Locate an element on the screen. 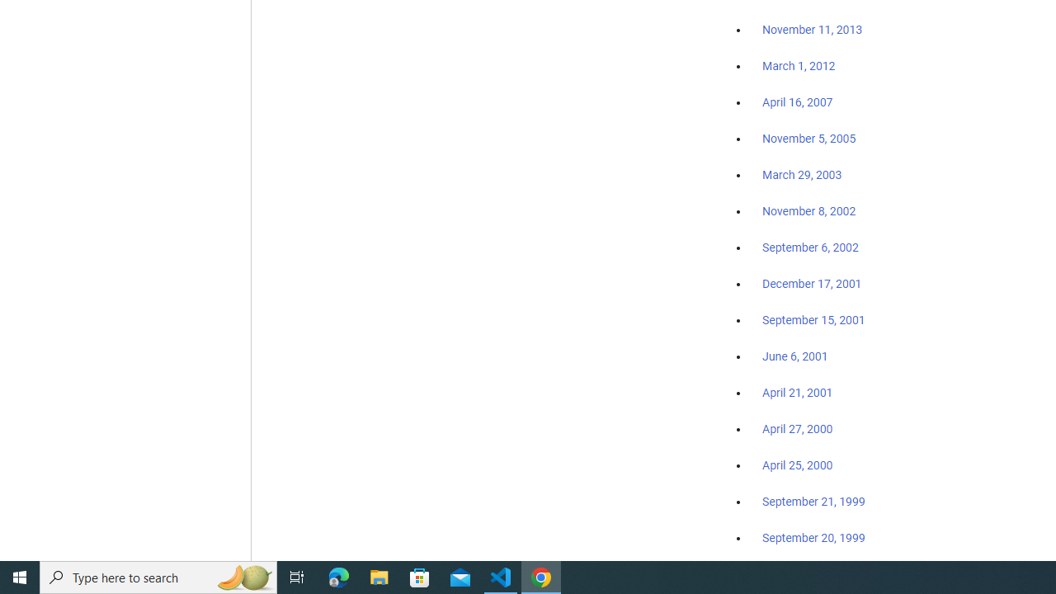  'June 6, 2001' is located at coordinates (794, 356).